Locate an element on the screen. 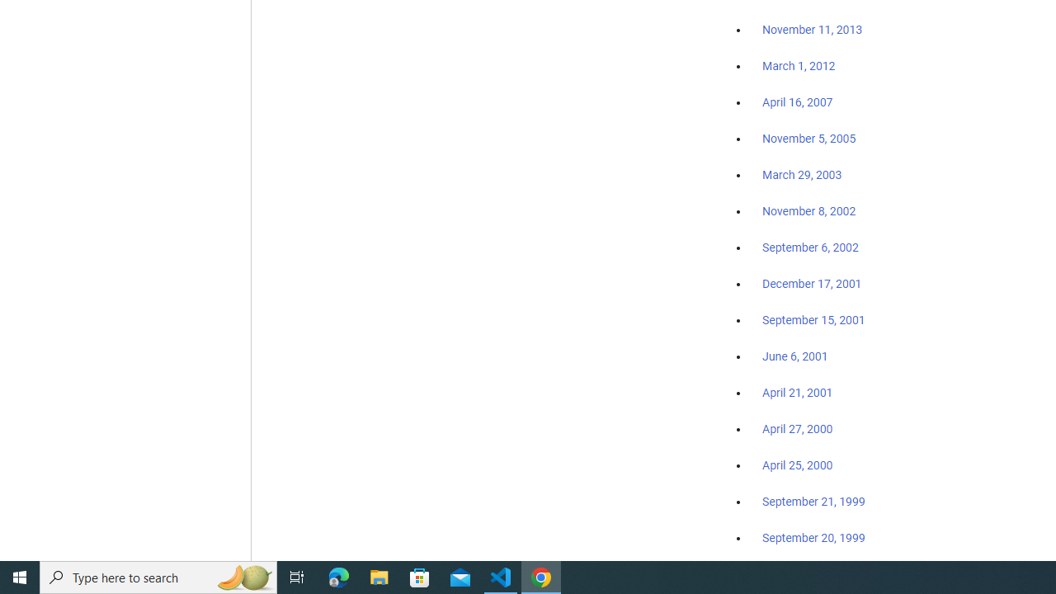  'June 6, 2001' is located at coordinates (794, 356).